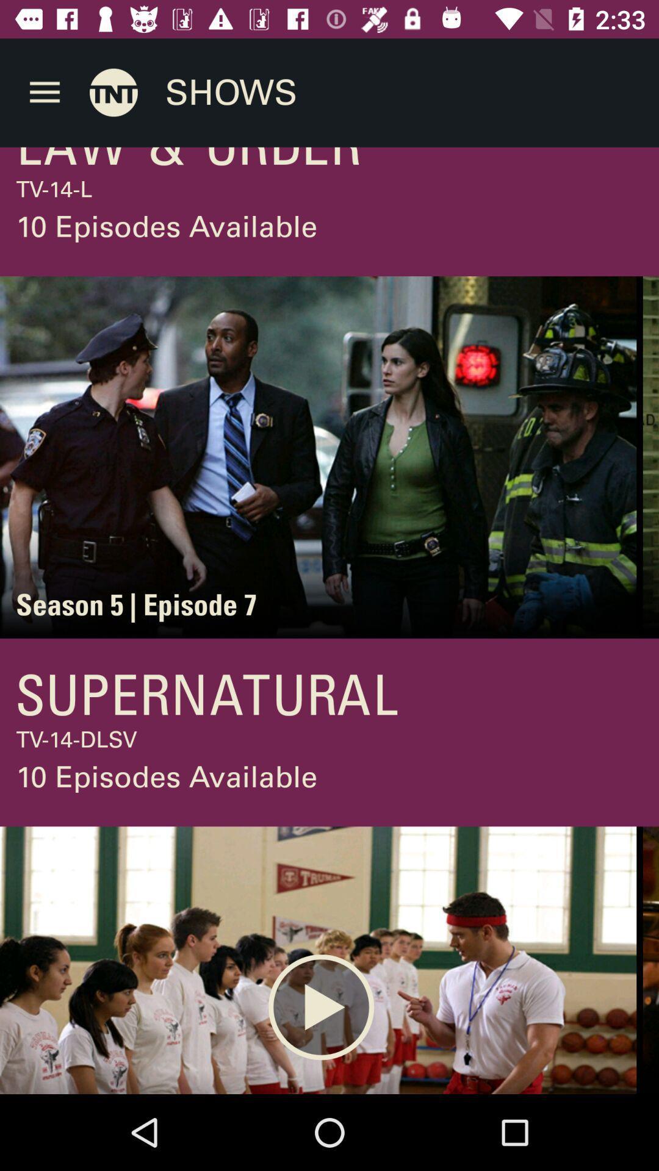 The width and height of the screenshot is (659, 1171). Describe the element at coordinates (113, 91) in the screenshot. I see `icon above the law & order icon` at that location.